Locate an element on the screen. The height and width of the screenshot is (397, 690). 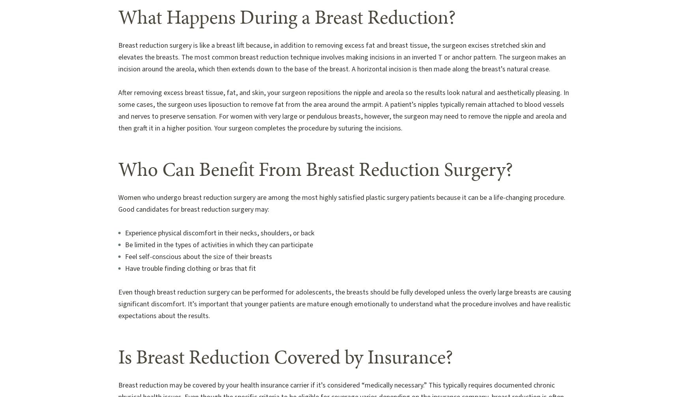
'Feel self-conscious about the size of their breasts' is located at coordinates (198, 256).